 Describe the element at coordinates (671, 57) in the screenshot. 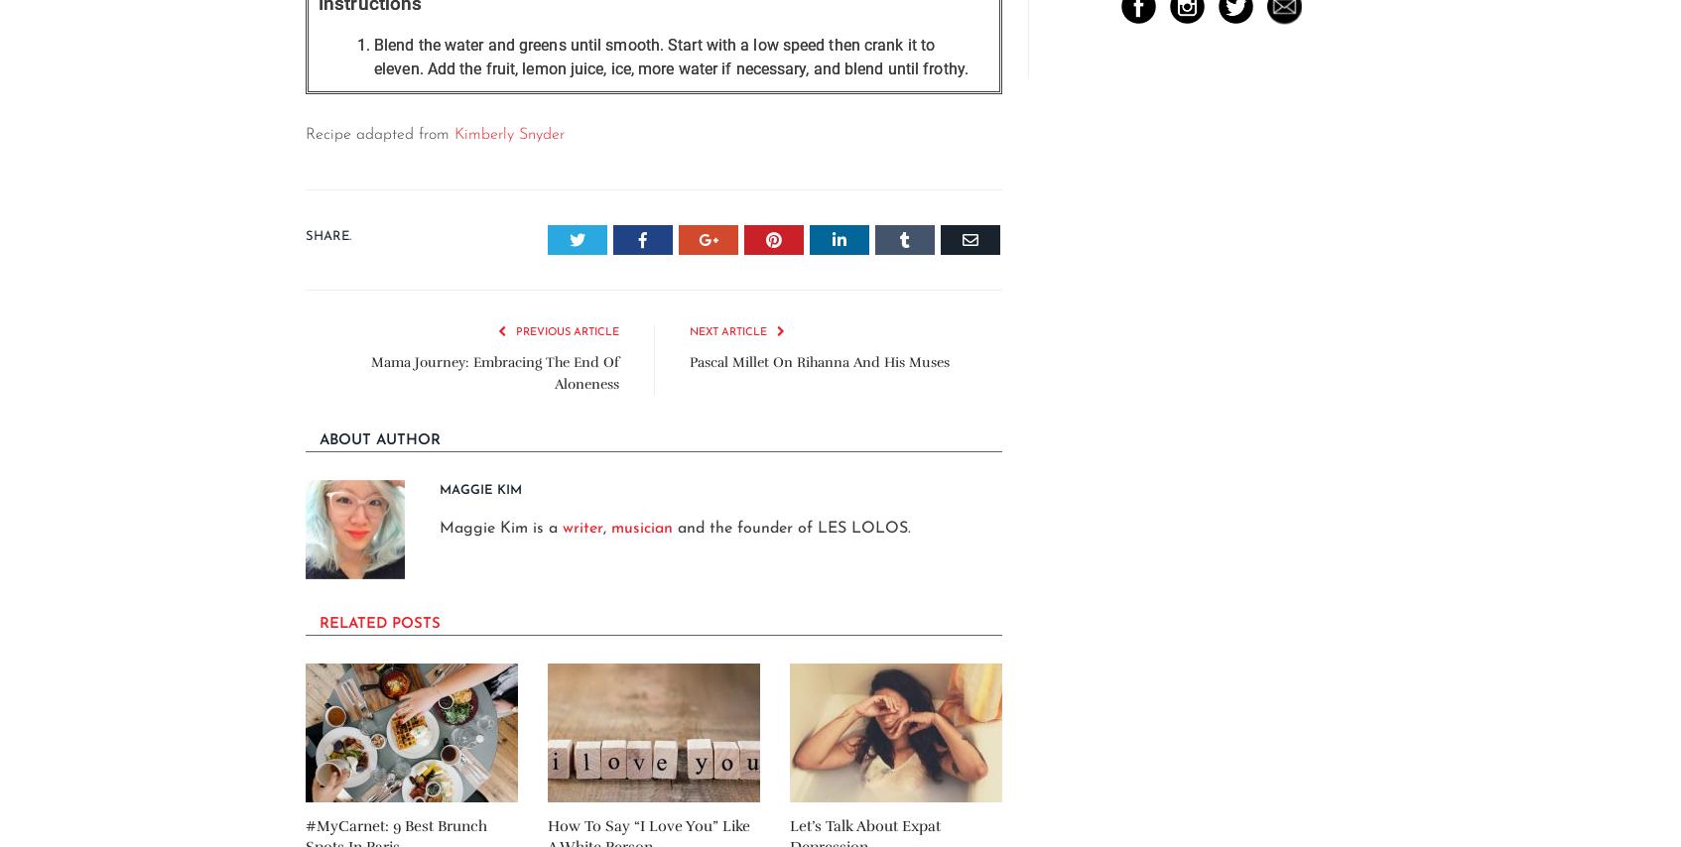

I see `'Blend the water and greens until smooth. Start with a low speed then crank it to eleven. Add the fruit, lemon juice, ice, more water if necessary, and blend until frothy.'` at that location.